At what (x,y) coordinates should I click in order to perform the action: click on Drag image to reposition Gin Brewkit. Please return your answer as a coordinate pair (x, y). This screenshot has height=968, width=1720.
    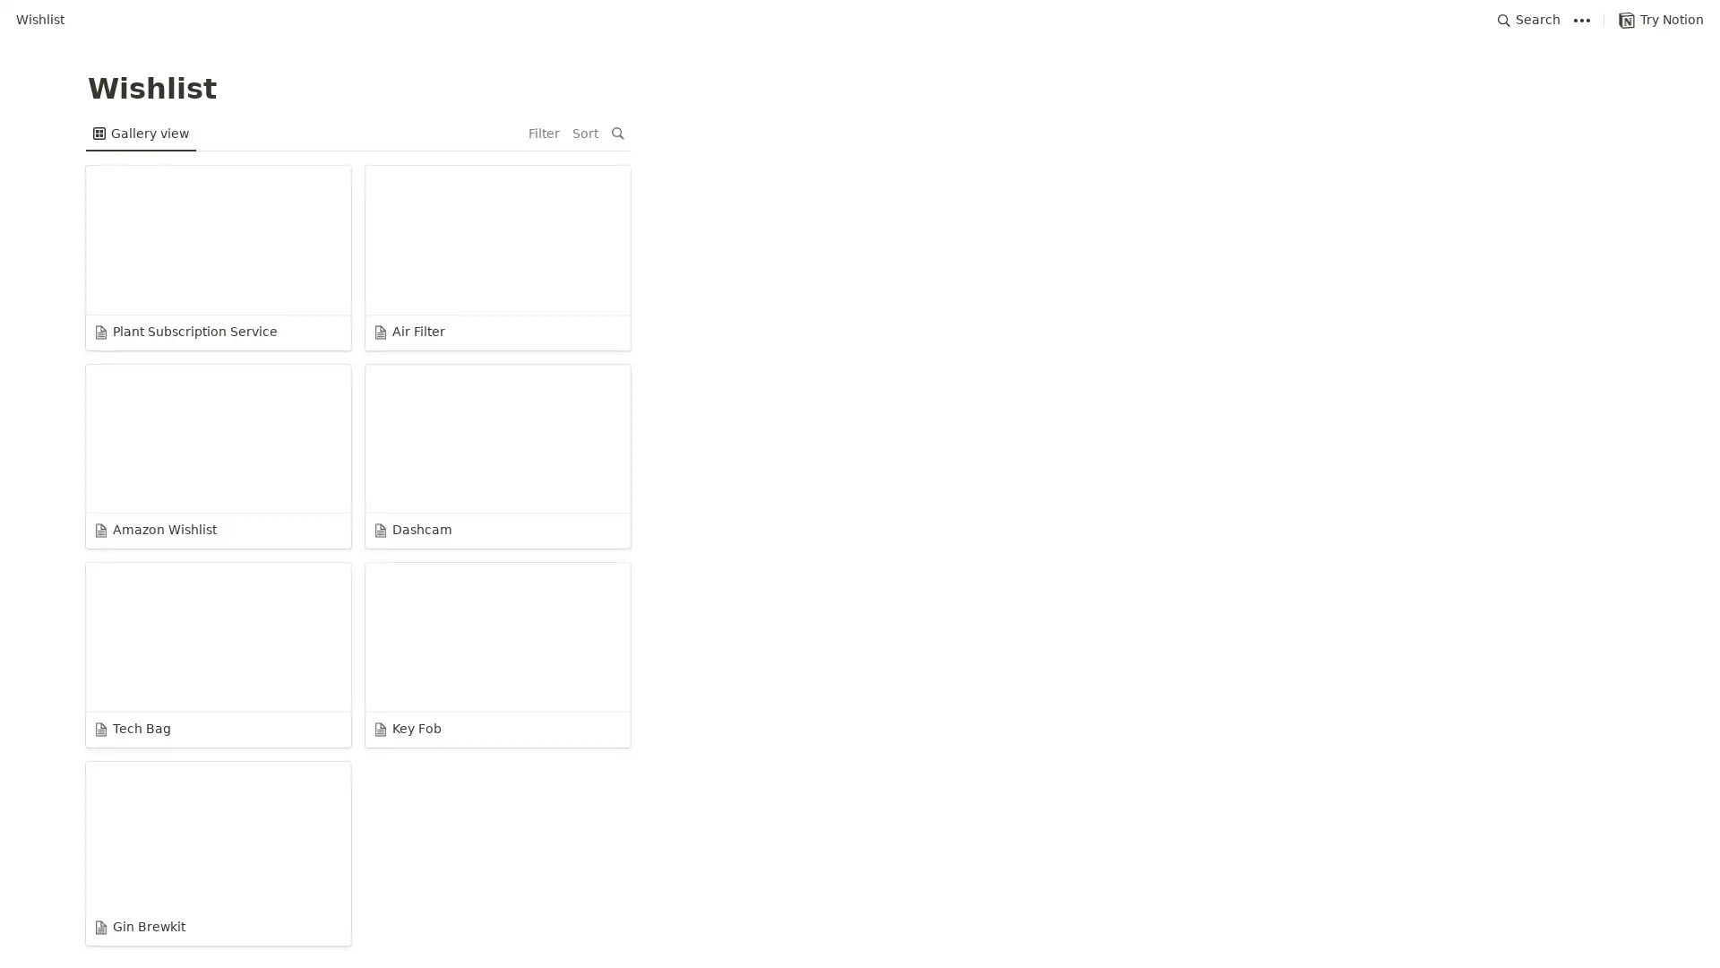
    Looking at the image, I should click on (209, 467).